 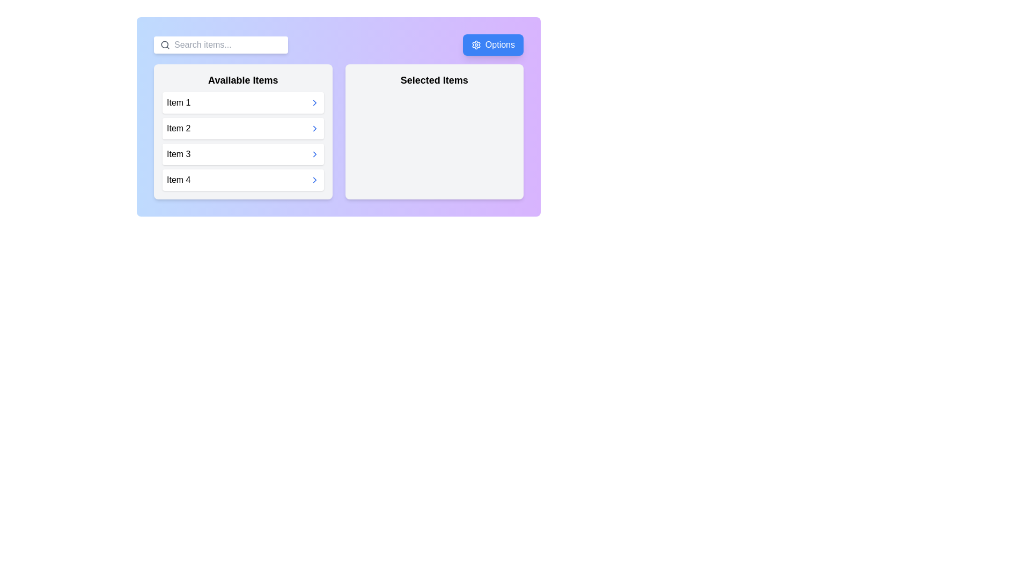 I want to click on left arrow button for the item Item 4 in the 'Selected Items' list to move it to the 'Available Items' list, so click(x=345, y=169).